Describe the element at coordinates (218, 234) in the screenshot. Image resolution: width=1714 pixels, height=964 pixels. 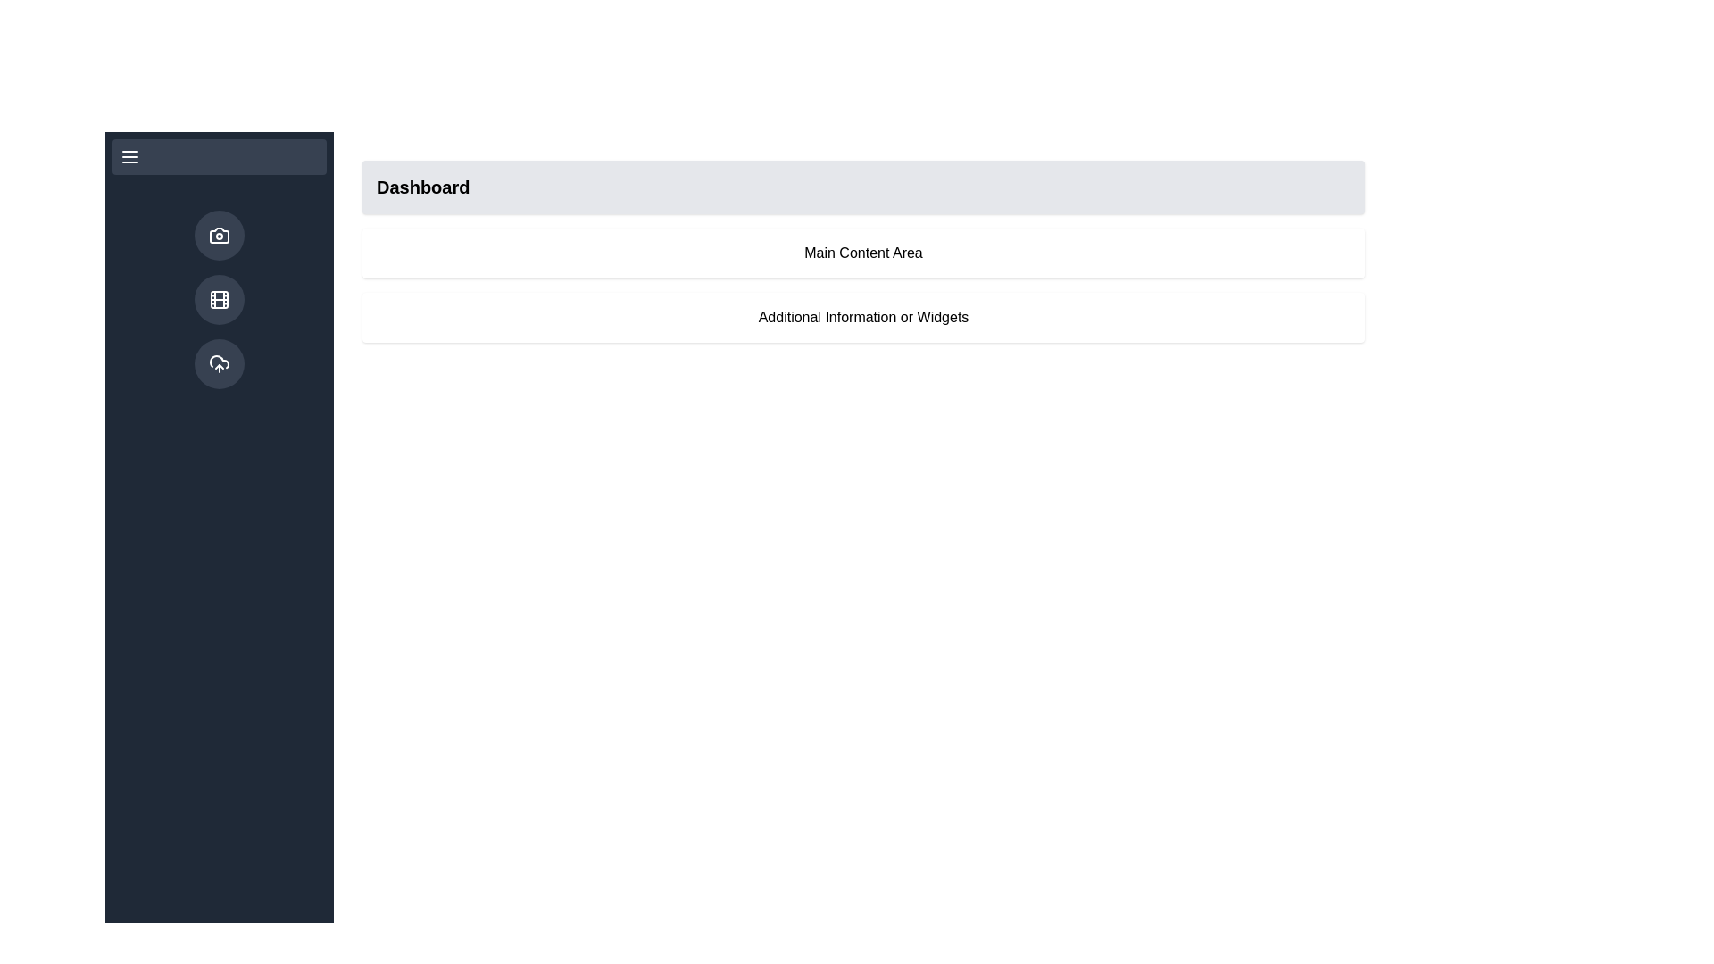
I see `the circular camera icon with a gray background located in the left sidebar, positioned second in a vertical list of icons` at that location.